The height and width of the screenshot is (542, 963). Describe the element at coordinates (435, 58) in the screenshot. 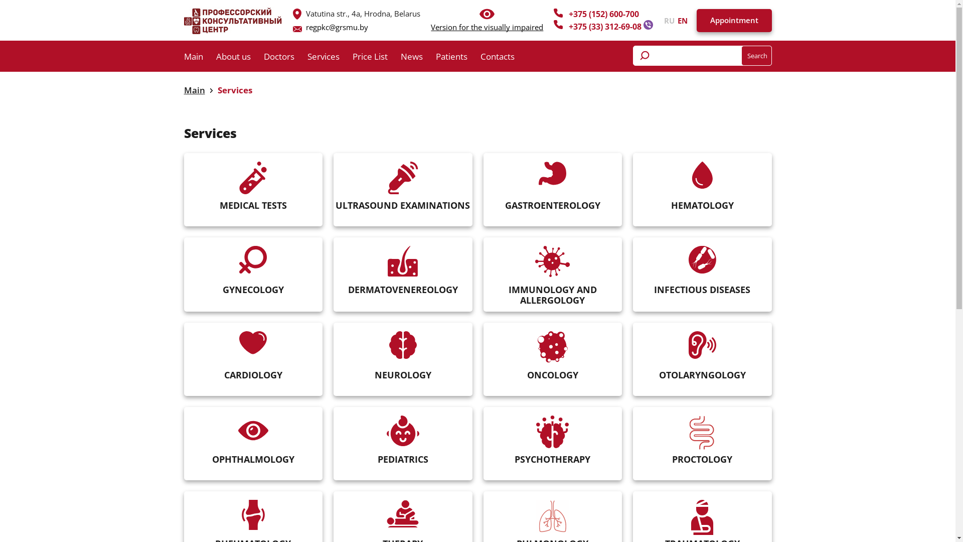

I see `'Patients'` at that location.